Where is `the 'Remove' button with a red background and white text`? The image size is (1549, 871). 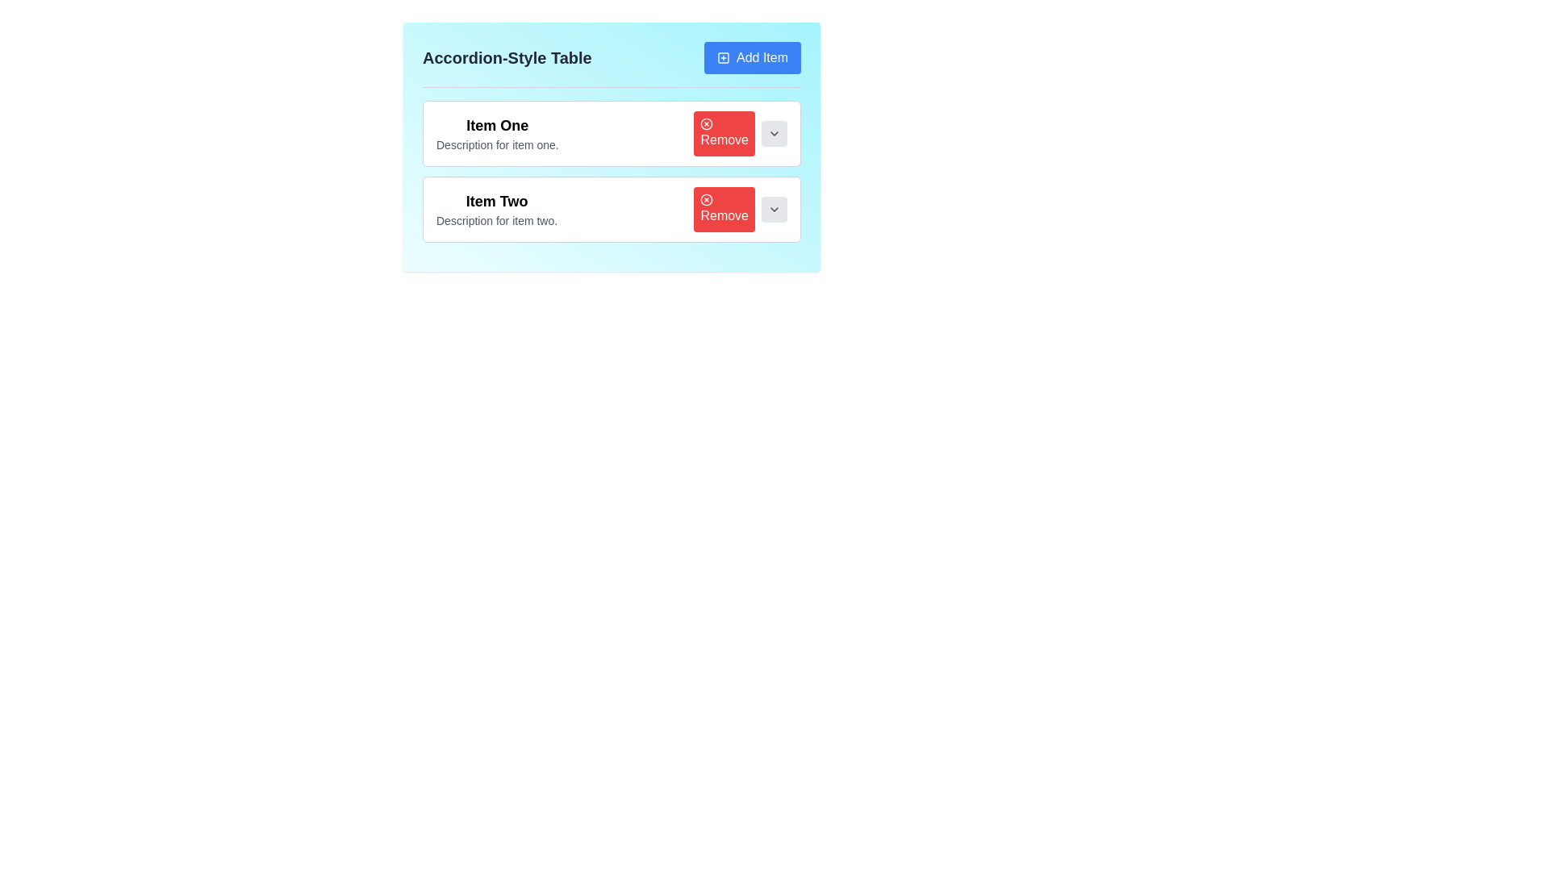
the 'Remove' button with a red background and white text is located at coordinates (739, 208).